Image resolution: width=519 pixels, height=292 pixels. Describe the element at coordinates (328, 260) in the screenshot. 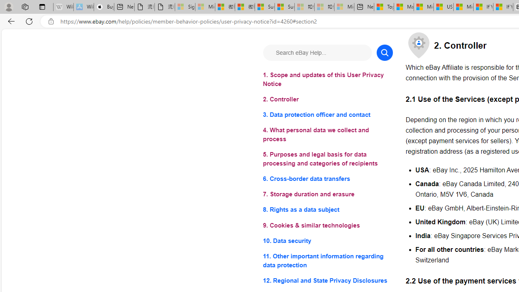

I see `'11. Other important information regarding data protection'` at that location.